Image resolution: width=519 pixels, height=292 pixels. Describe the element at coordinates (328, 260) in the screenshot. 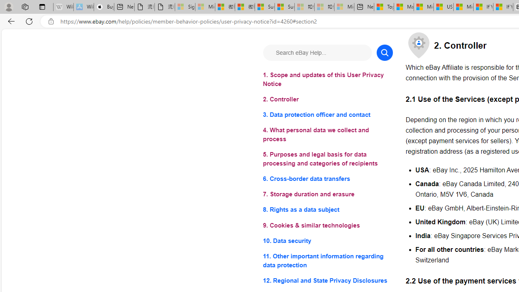

I see `'11. Other important information regarding data protection'` at that location.